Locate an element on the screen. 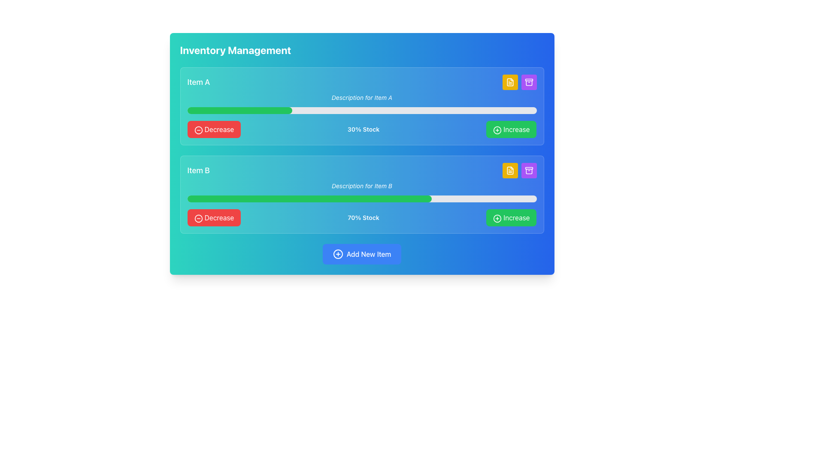 Image resolution: width=824 pixels, height=463 pixels. the second file-related icon with a yellow background and a white document shape in the 'Item B' inventory section is located at coordinates (510, 170).